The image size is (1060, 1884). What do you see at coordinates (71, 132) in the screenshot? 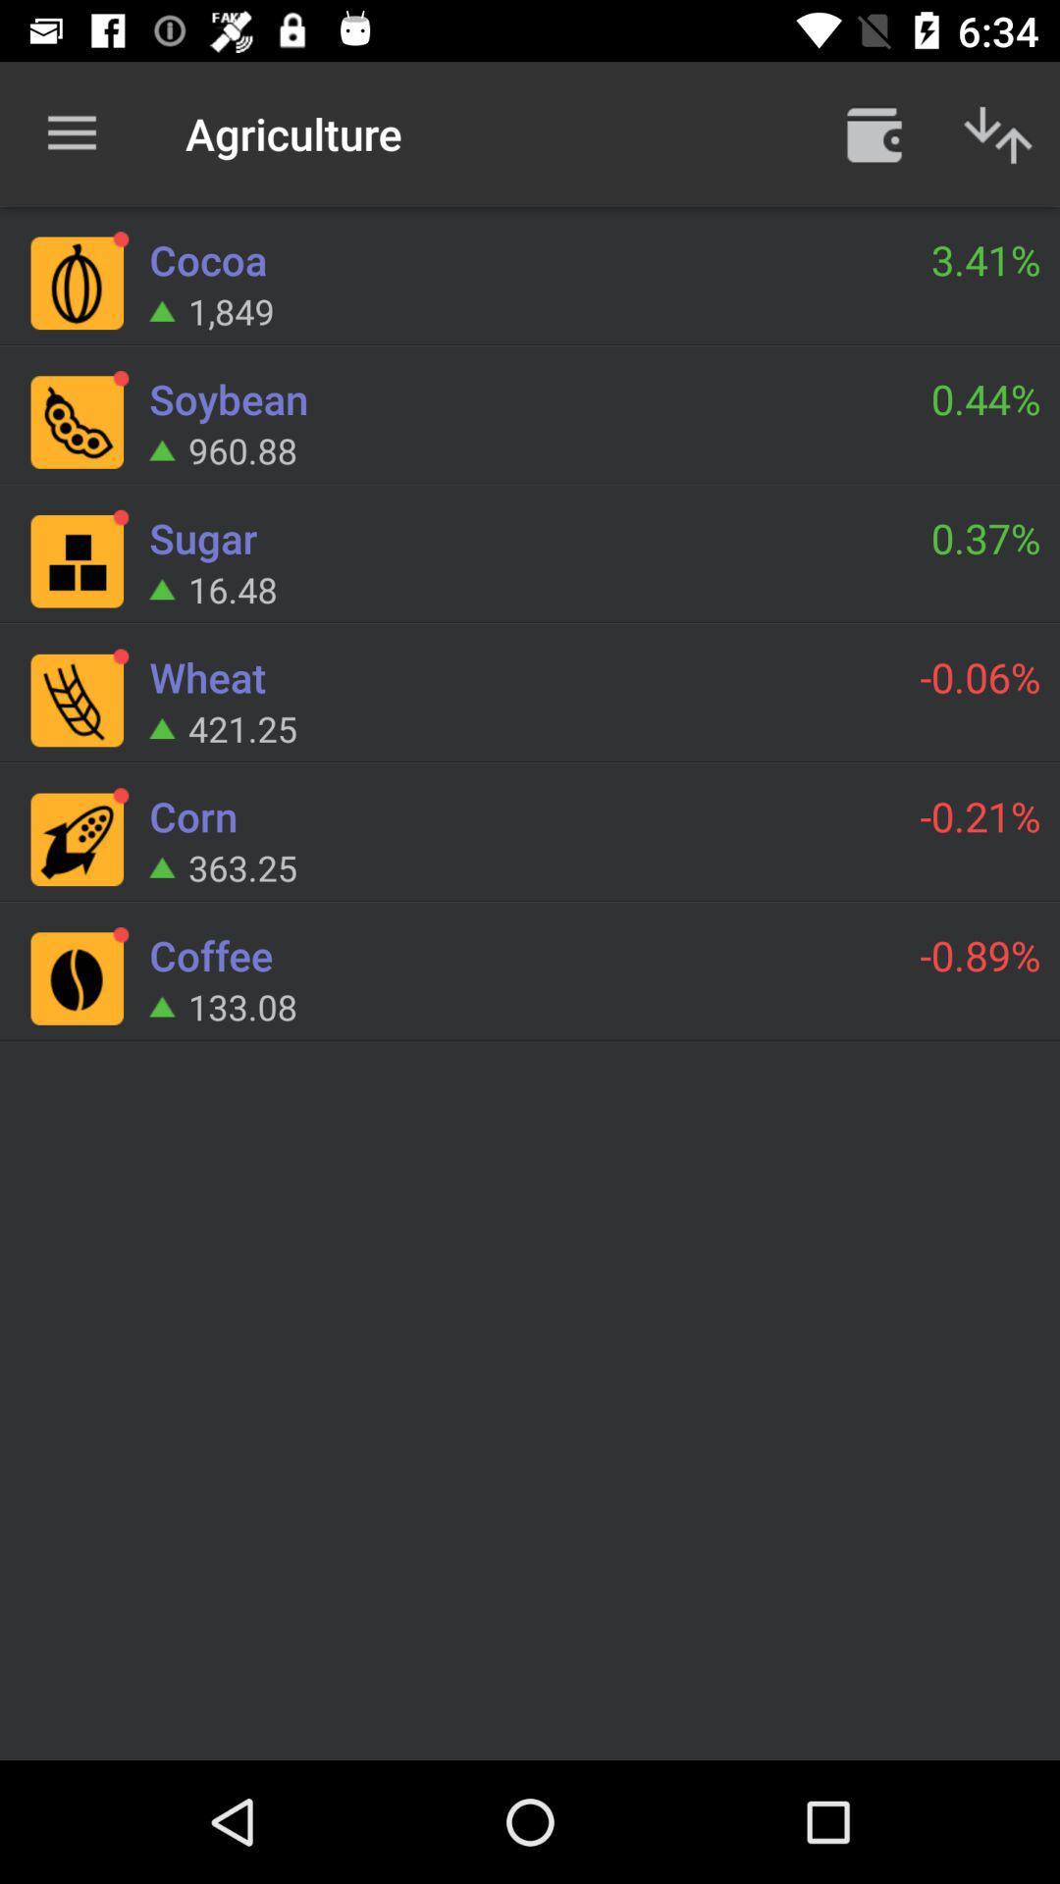
I see `item next to agriculture item` at bounding box center [71, 132].